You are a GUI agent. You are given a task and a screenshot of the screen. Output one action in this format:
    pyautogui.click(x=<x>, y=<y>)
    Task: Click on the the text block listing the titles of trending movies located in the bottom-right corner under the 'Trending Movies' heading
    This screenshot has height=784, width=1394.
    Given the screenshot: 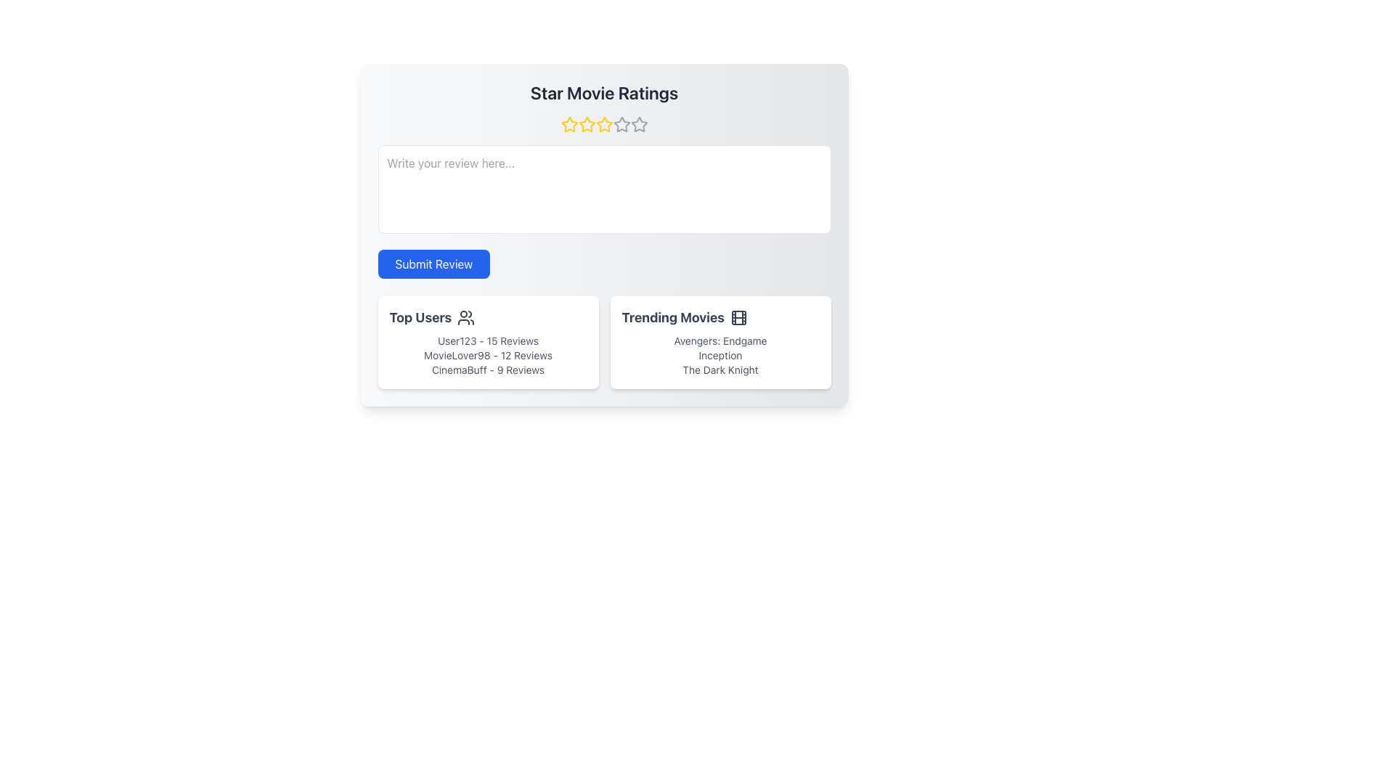 What is the action you would take?
    pyautogui.click(x=720, y=355)
    